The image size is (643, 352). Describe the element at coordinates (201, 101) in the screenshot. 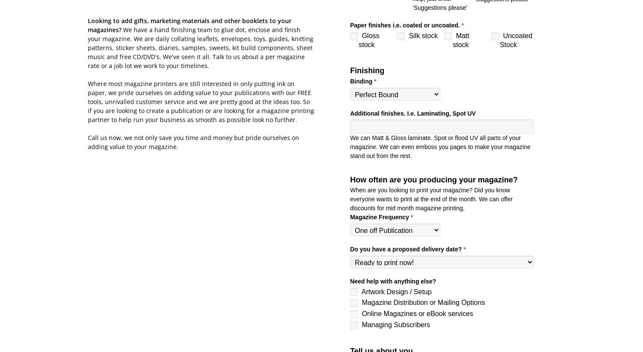

I see `'Where most magazine printers are still interested in only putting ink on paper, we pride ourselves on adding value to your publications with our FREE tools, unrivalled customer service and we are pretty good at the ideas too. So if you are looking to create a publication or are looking for a magazine printing partner to help run your business as smooth as possible look no further.'` at that location.